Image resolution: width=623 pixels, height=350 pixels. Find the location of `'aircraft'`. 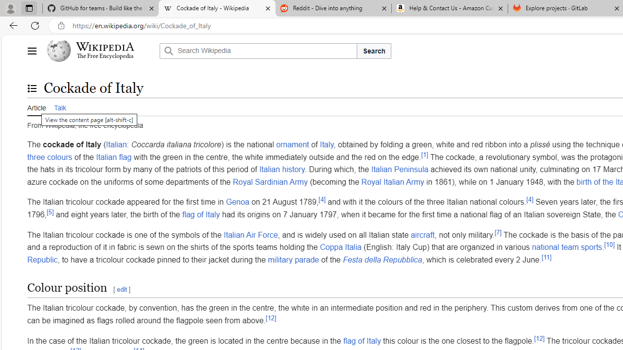

'aircraft' is located at coordinates (422, 234).